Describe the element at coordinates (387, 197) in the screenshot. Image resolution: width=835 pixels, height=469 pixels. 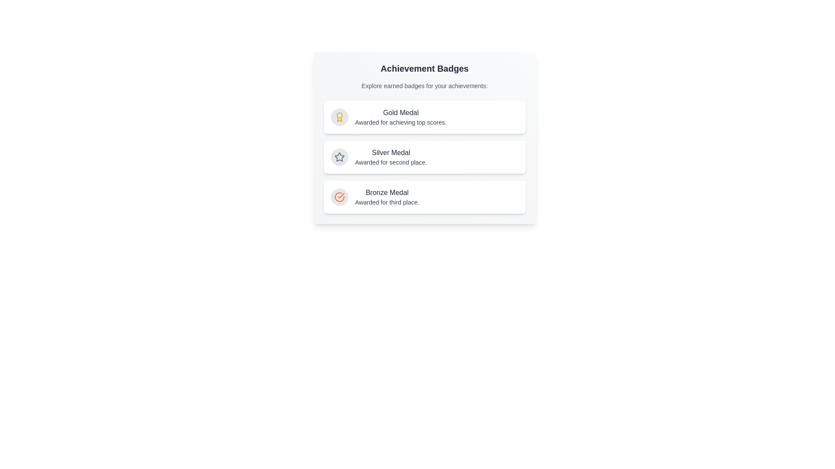
I see `information provided in the 'Bronze Medal' text label, which includes the bold text 'Bronze Medal' and the smaller text 'Awarded for third place.'` at that location.